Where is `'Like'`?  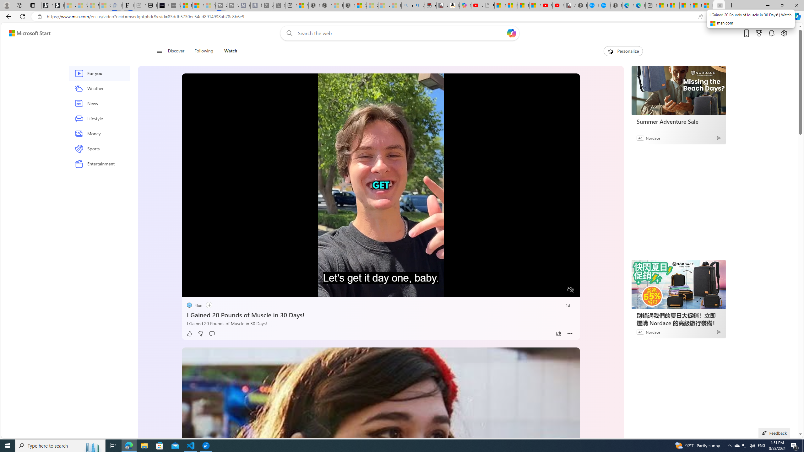 'Like' is located at coordinates (189, 333).